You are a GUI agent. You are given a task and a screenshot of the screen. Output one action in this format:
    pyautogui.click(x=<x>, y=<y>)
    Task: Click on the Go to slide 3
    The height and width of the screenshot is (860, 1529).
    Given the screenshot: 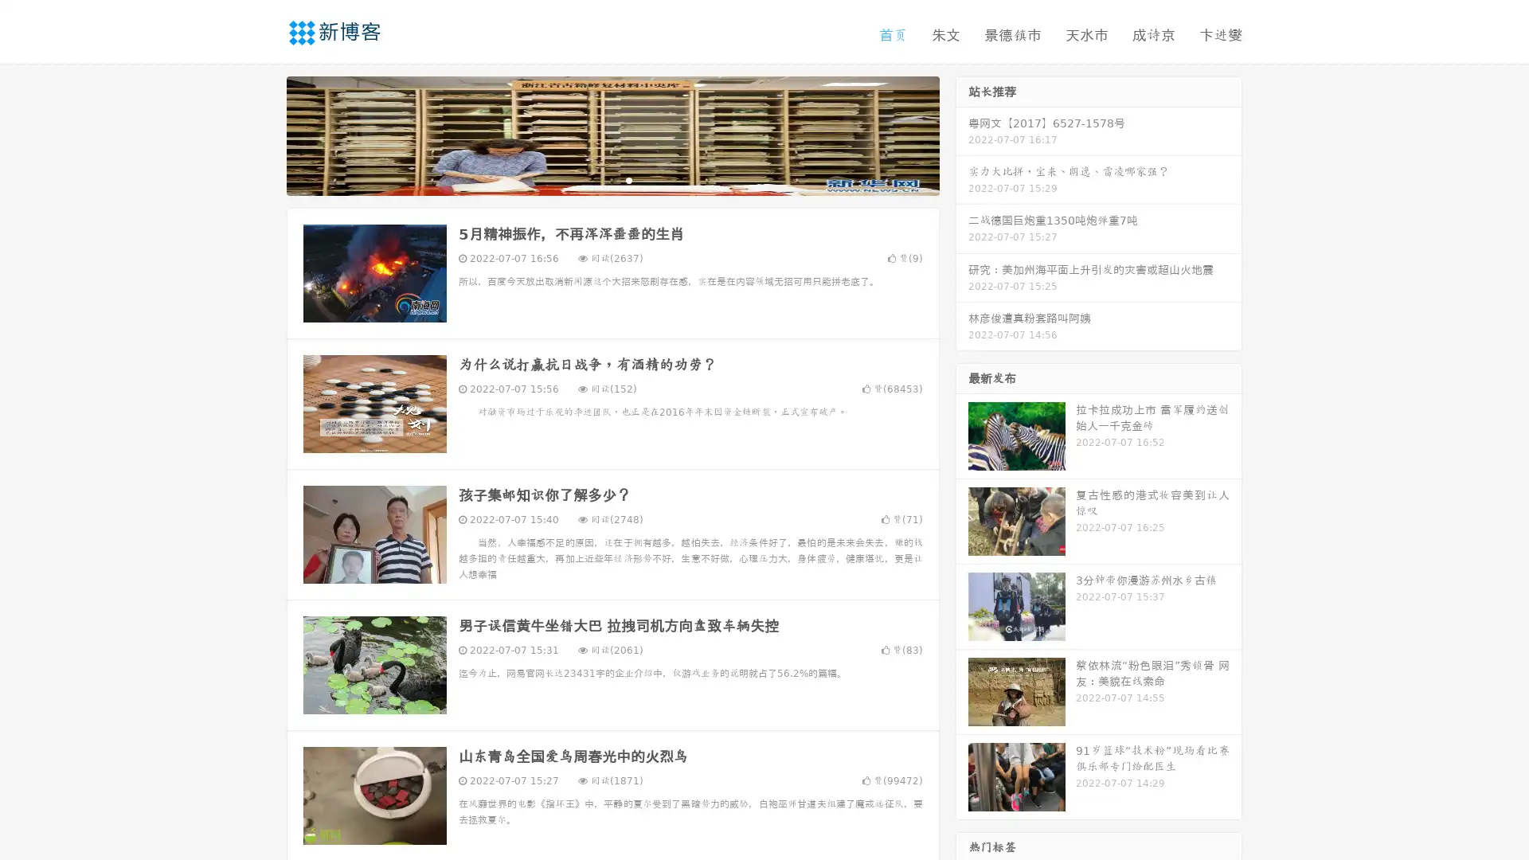 What is the action you would take?
    pyautogui.click(x=628, y=179)
    